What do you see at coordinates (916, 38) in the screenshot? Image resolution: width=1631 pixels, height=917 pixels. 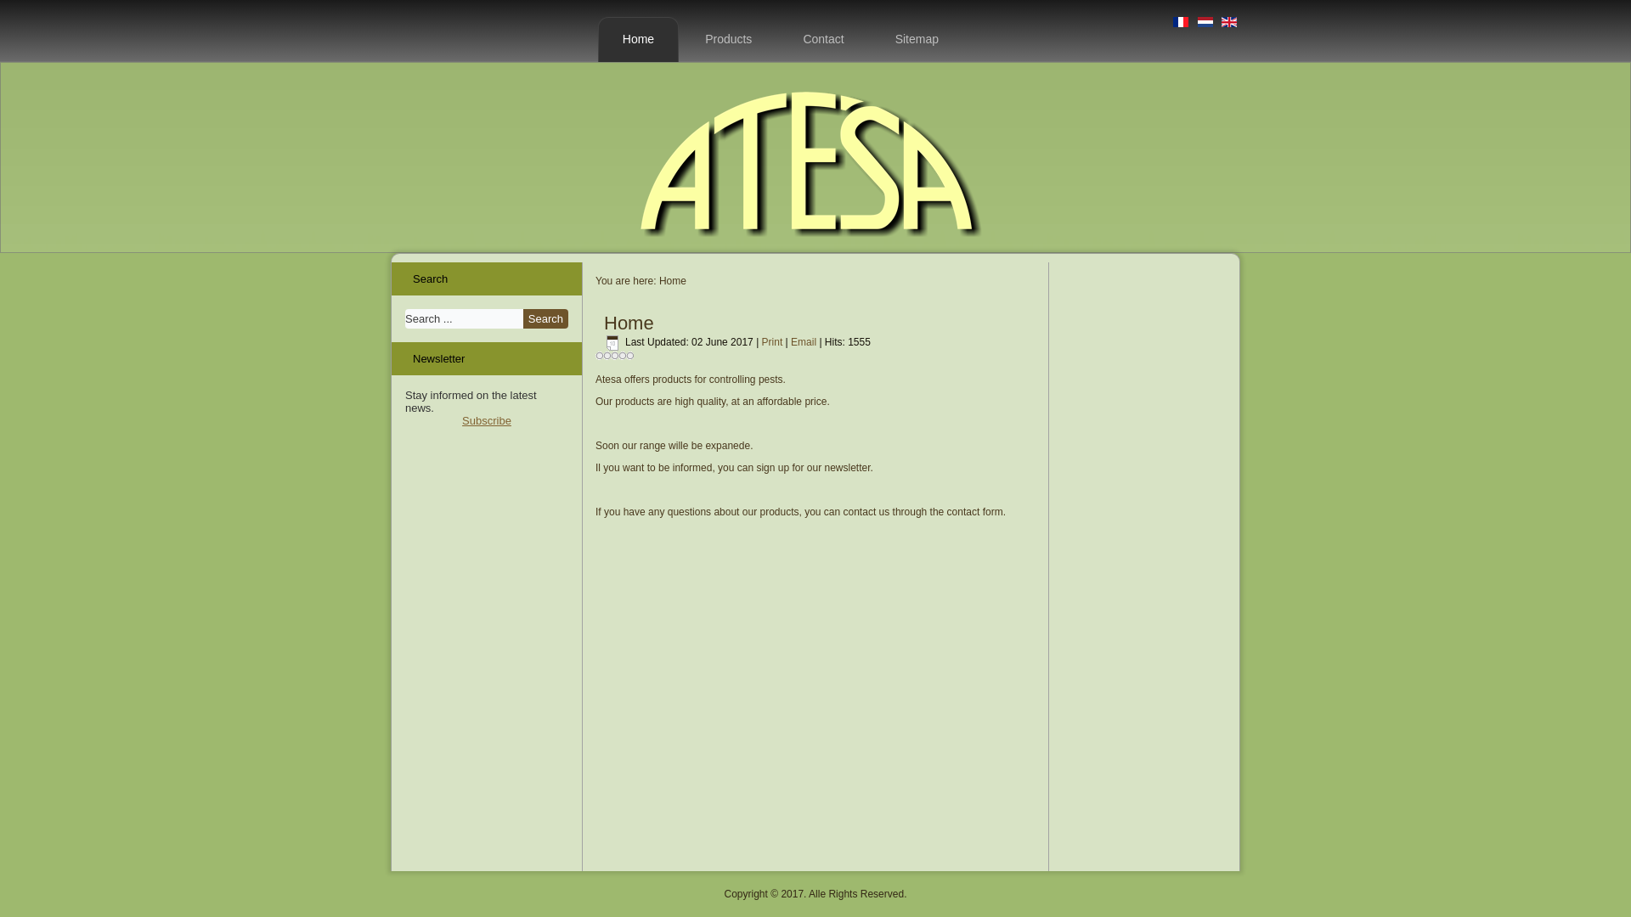 I see `'Sitemap'` at bounding box center [916, 38].